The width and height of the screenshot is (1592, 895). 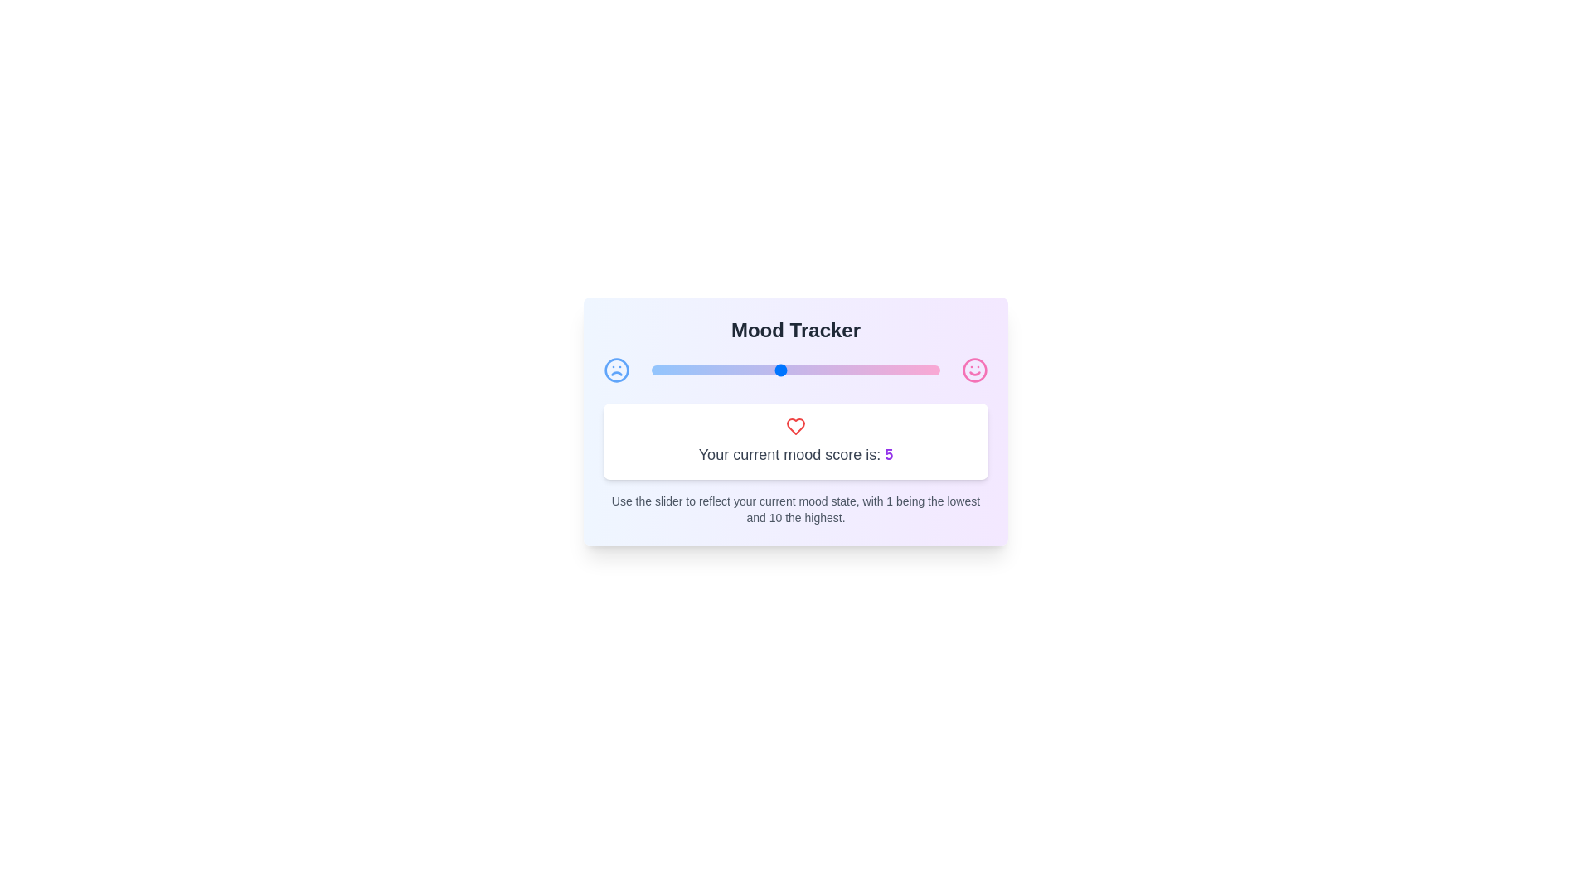 I want to click on the mood slider to set the mood score to 5, so click(x=779, y=370).